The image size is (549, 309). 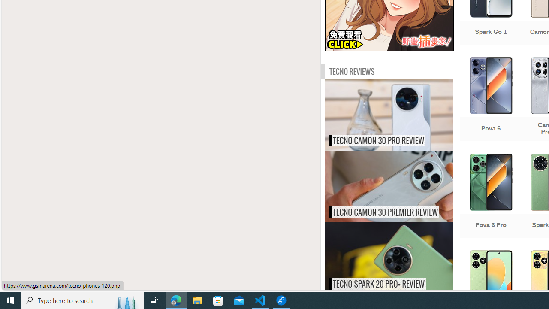 I want to click on 'Pova 6 Pro', so click(x=491, y=197).